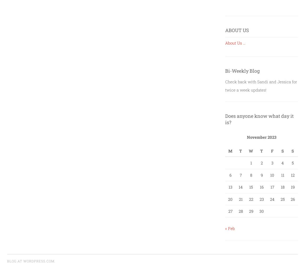  I want to click on '19', so click(292, 187).